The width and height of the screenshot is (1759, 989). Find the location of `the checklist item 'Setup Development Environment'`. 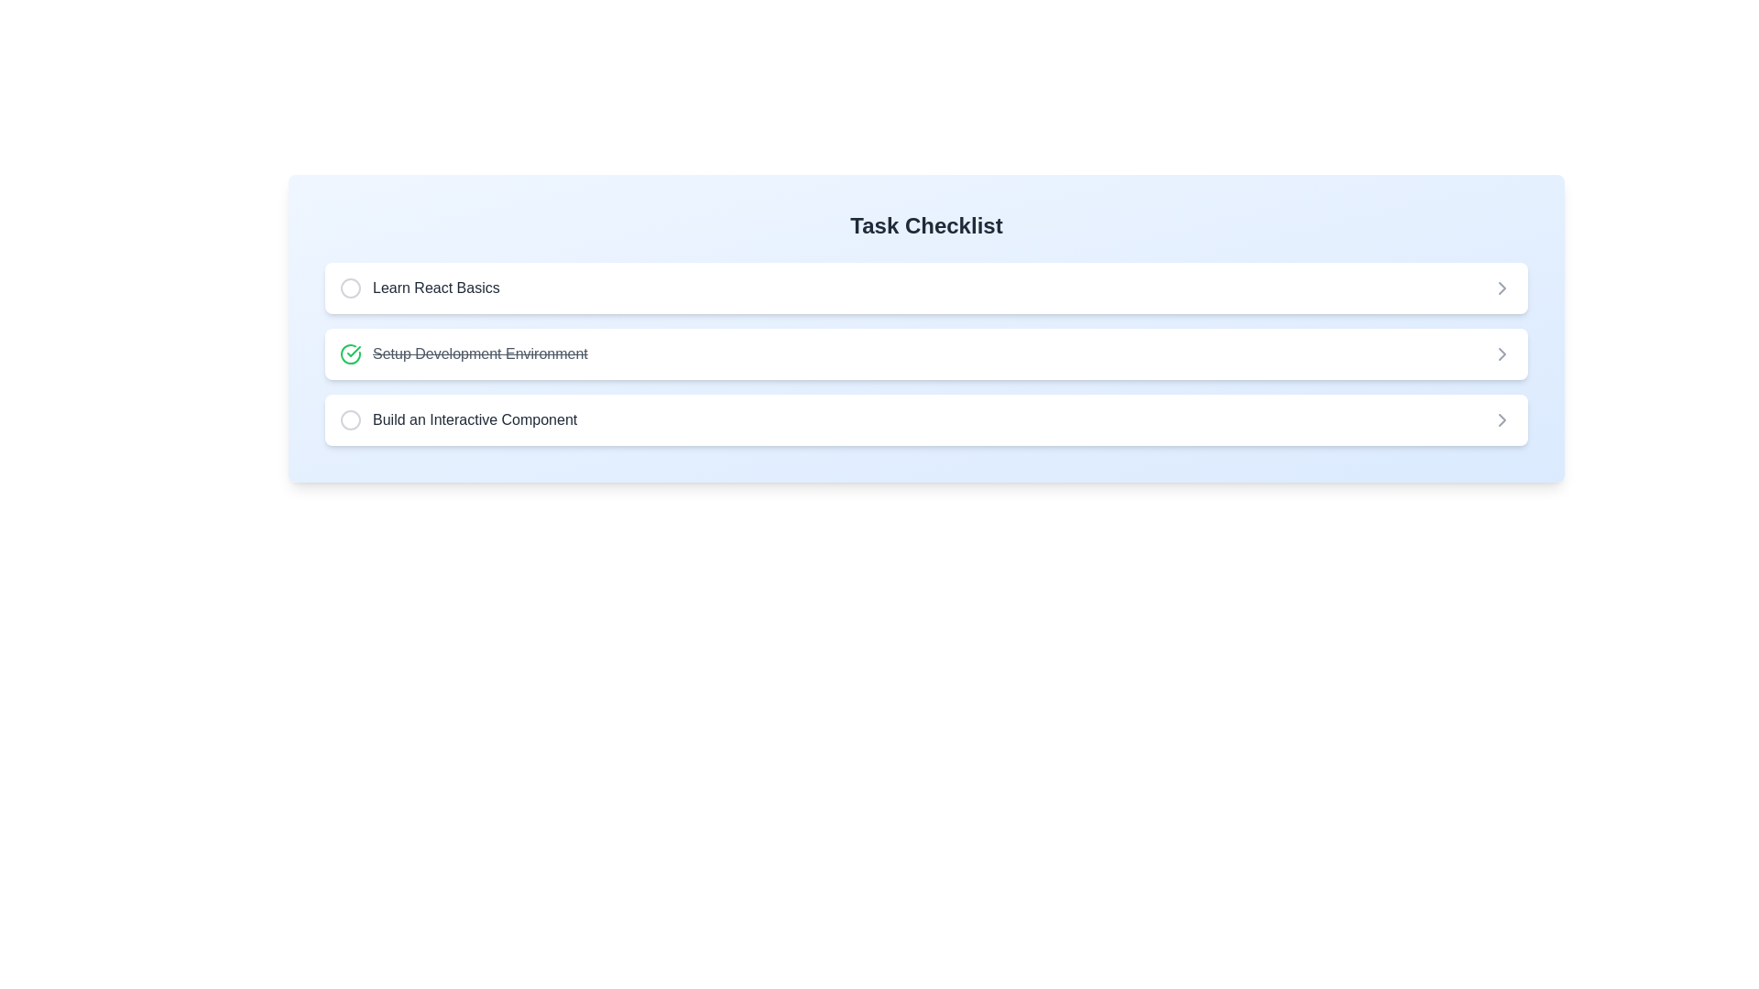

the checklist item 'Setup Development Environment' is located at coordinates (926, 353).